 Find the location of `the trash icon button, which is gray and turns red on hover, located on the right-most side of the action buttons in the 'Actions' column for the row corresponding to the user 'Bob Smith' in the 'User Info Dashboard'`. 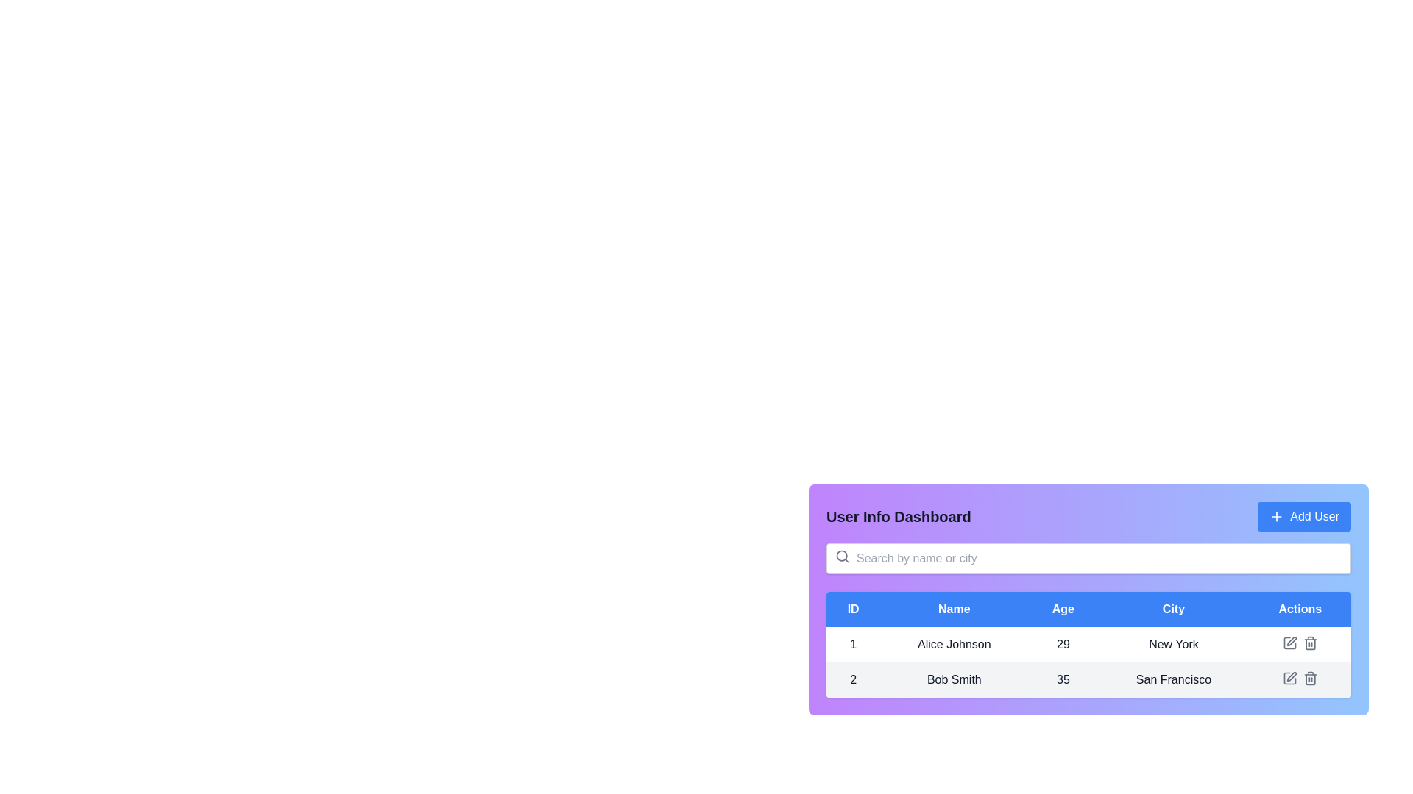

the trash icon button, which is gray and turns red on hover, located on the right-most side of the action buttons in the 'Actions' column for the row corresponding to the user 'Bob Smith' in the 'User Info Dashboard' is located at coordinates (1310, 678).